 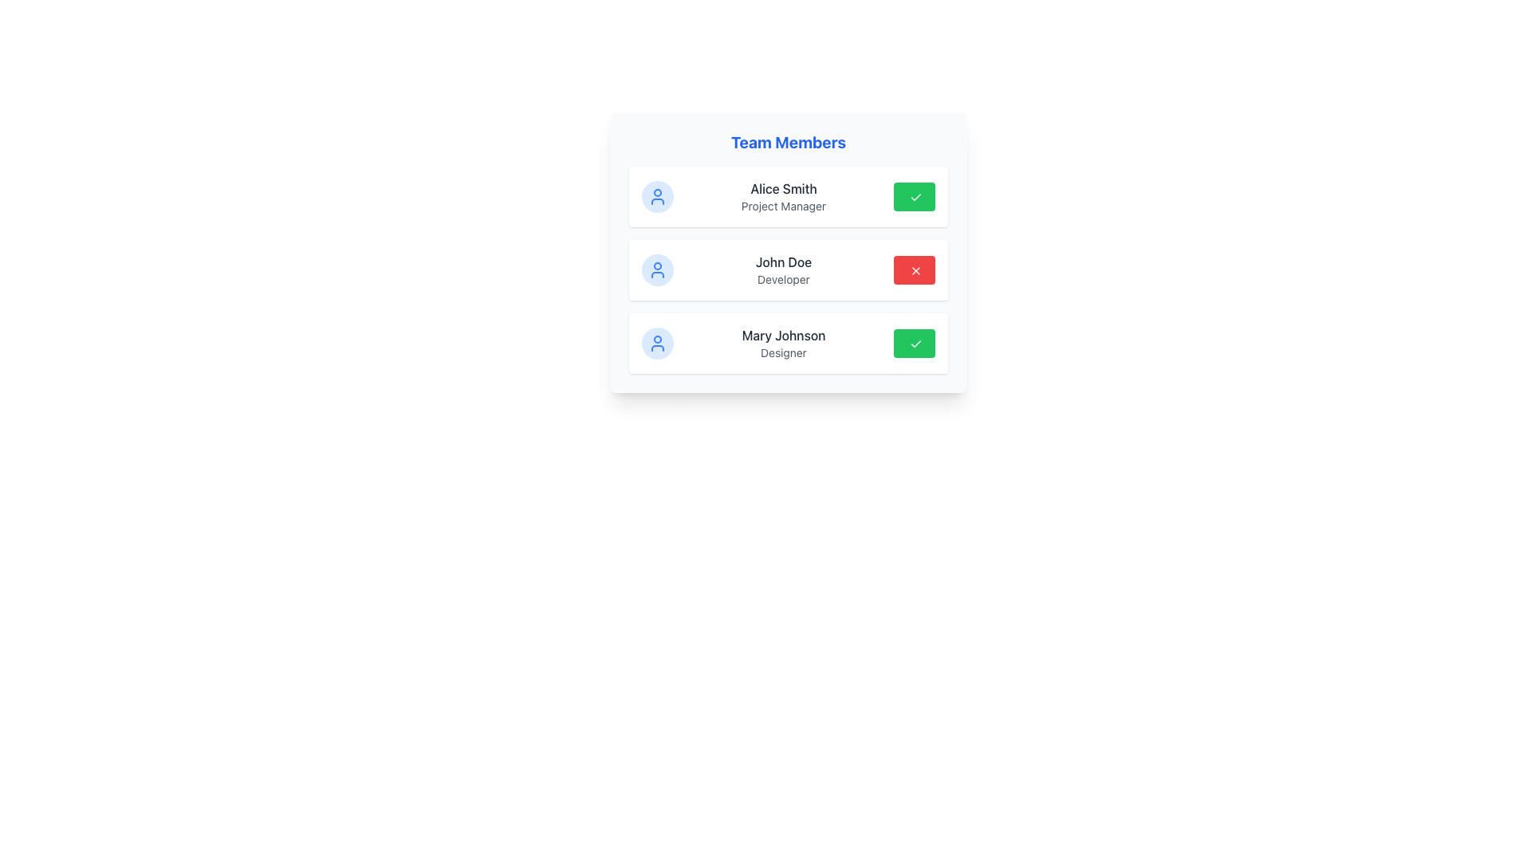 What do you see at coordinates (658, 343) in the screenshot?
I see `the blue person silhouette icon located on the leftmost side of the third row in the team members list` at bounding box center [658, 343].